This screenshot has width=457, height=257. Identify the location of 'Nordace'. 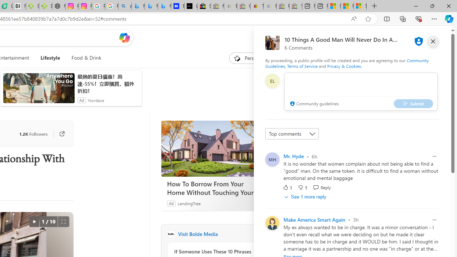
(95, 100).